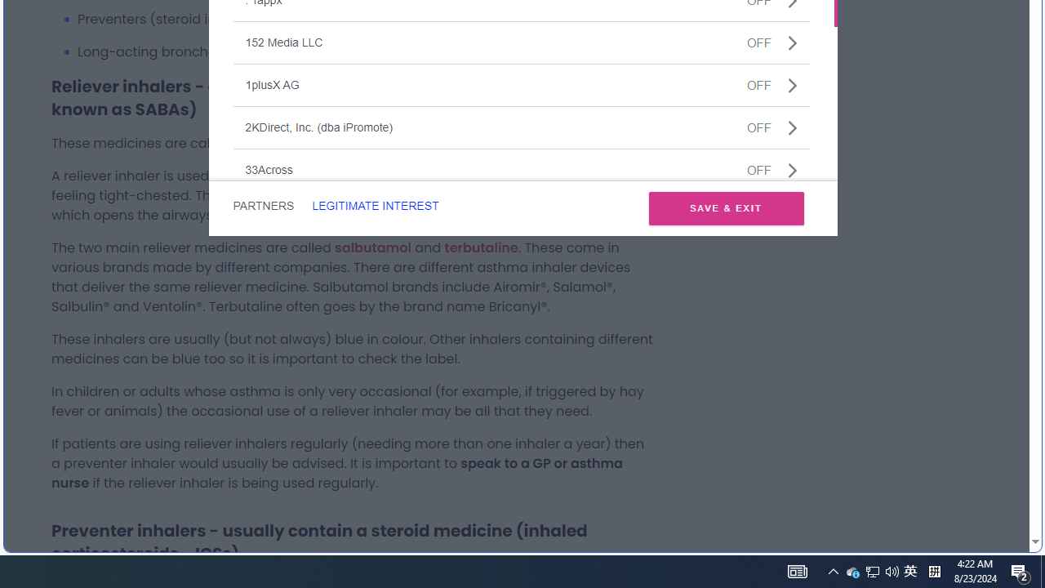 Image resolution: width=1045 pixels, height=588 pixels. Describe the element at coordinates (264, 204) in the screenshot. I see `'PARTNERS'` at that location.